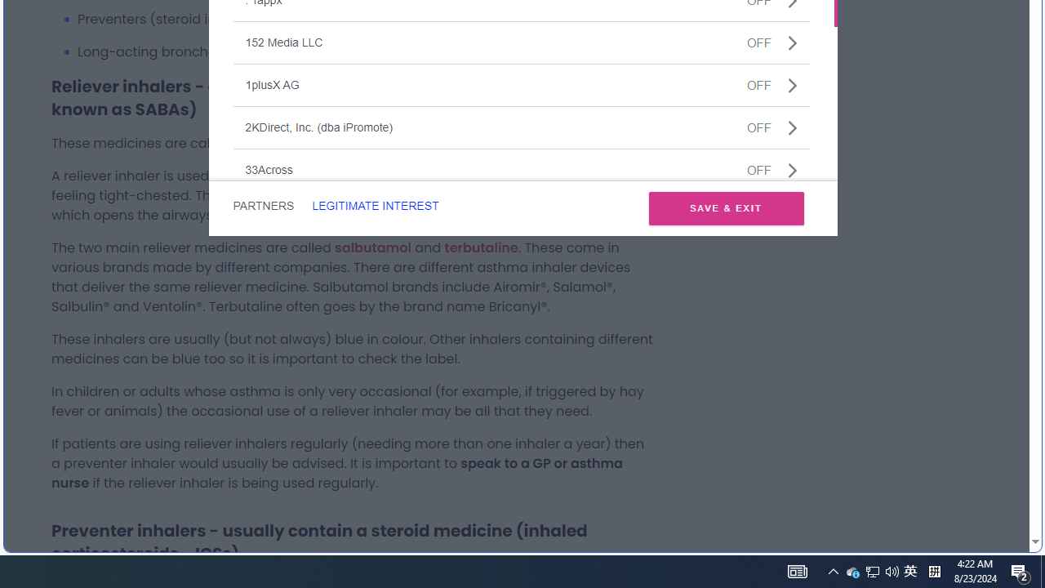 Image resolution: width=1045 pixels, height=588 pixels. Describe the element at coordinates (264, 204) in the screenshot. I see `'PARTNERS'` at that location.